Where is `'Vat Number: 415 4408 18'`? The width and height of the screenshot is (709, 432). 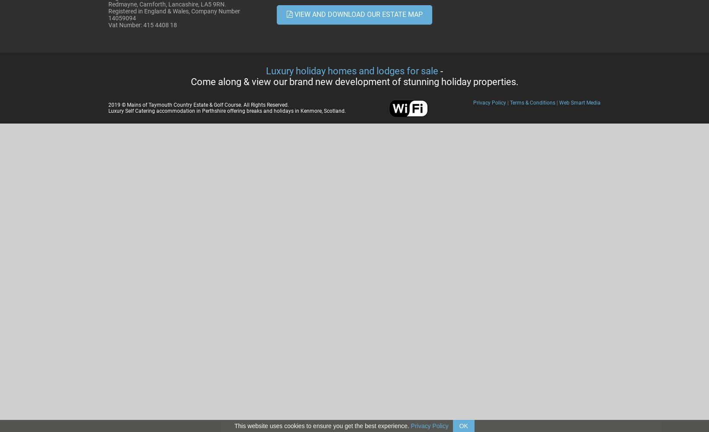 'Vat Number: 415 4408 18' is located at coordinates (142, 25).